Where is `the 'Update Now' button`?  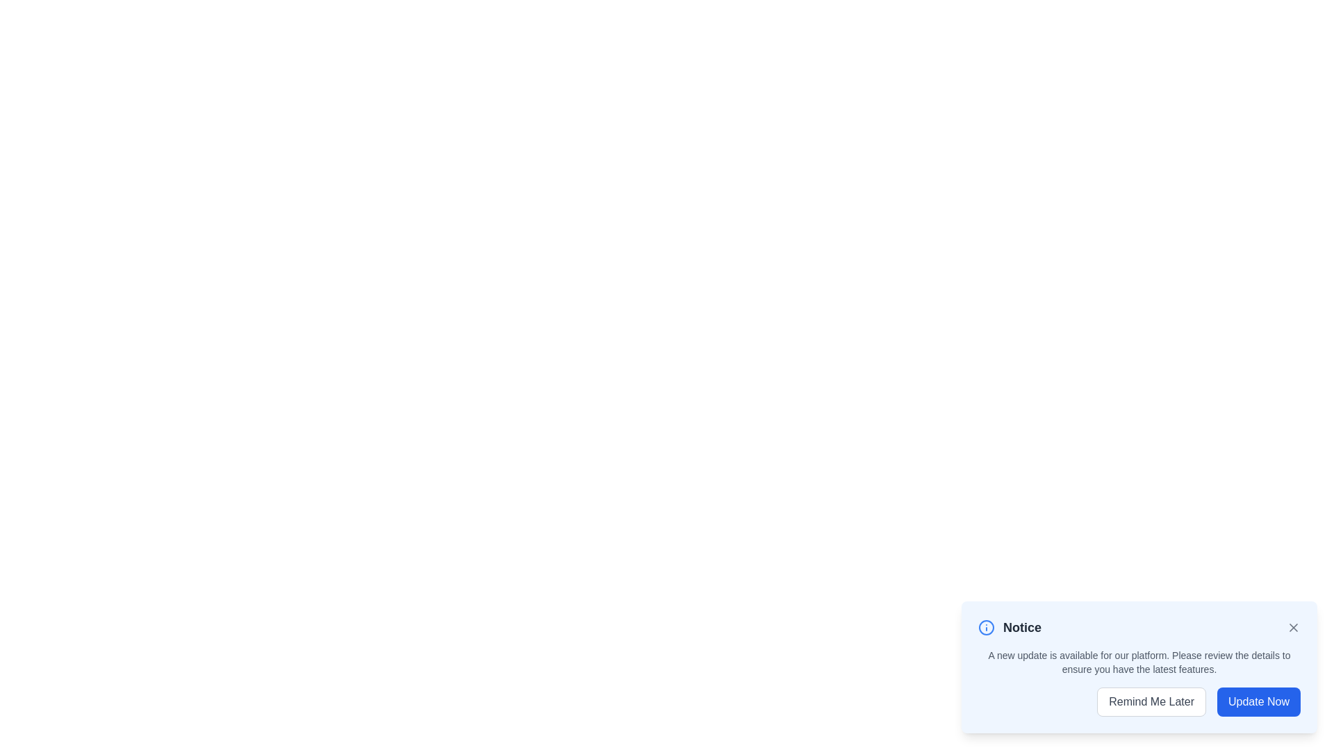 the 'Update Now' button is located at coordinates (1258, 701).